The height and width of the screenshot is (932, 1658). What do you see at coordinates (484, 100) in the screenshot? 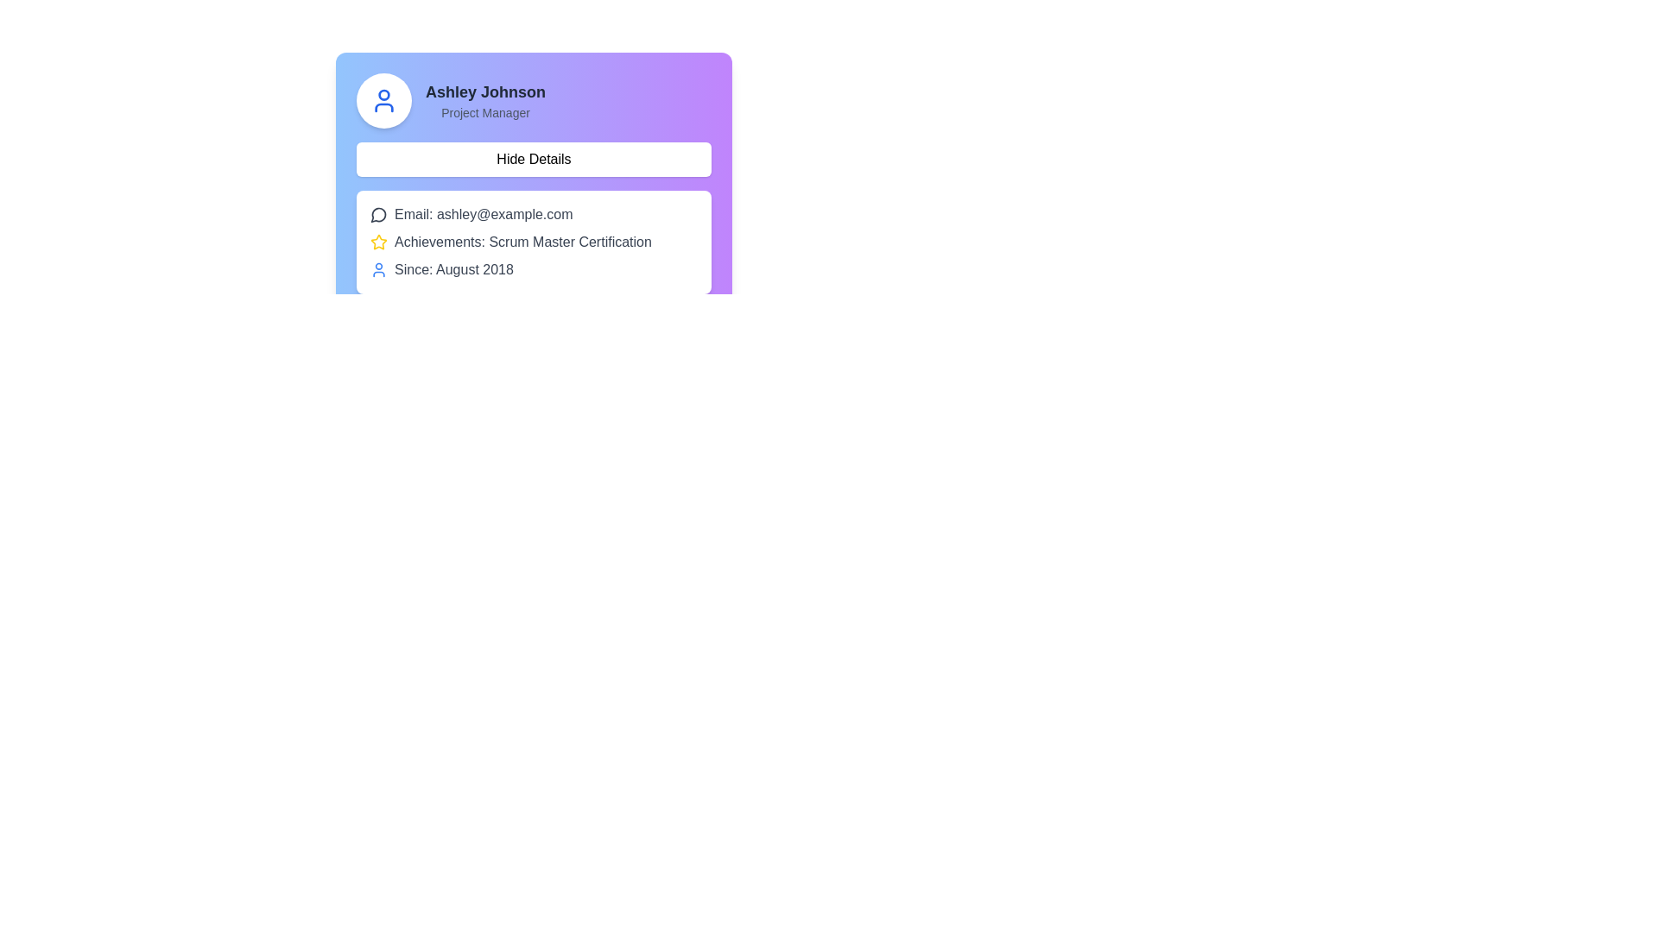
I see `the text label displaying 'Ashley Johnson' and 'Project Manager', which is positioned on the right side of the user profile icon` at bounding box center [484, 100].